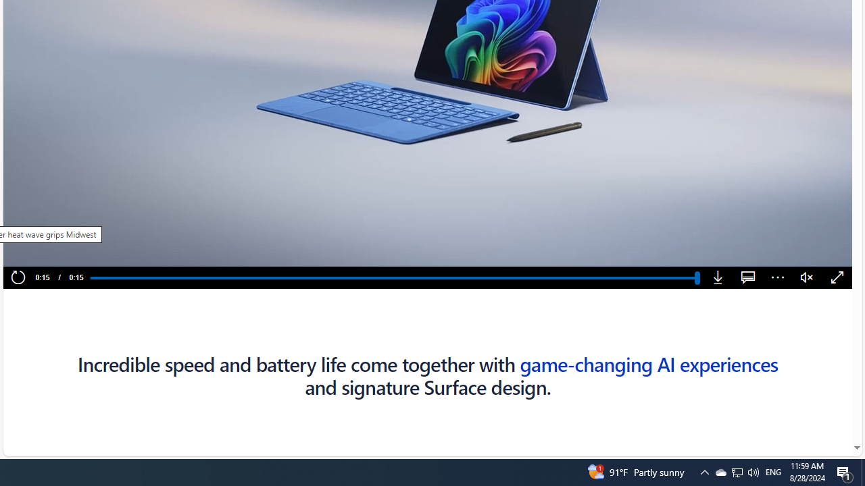 The width and height of the screenshot is (865, 486). Describe the element at coordinates (393, 277) in the screenshot. I see `'Progress Bar'` at that location.